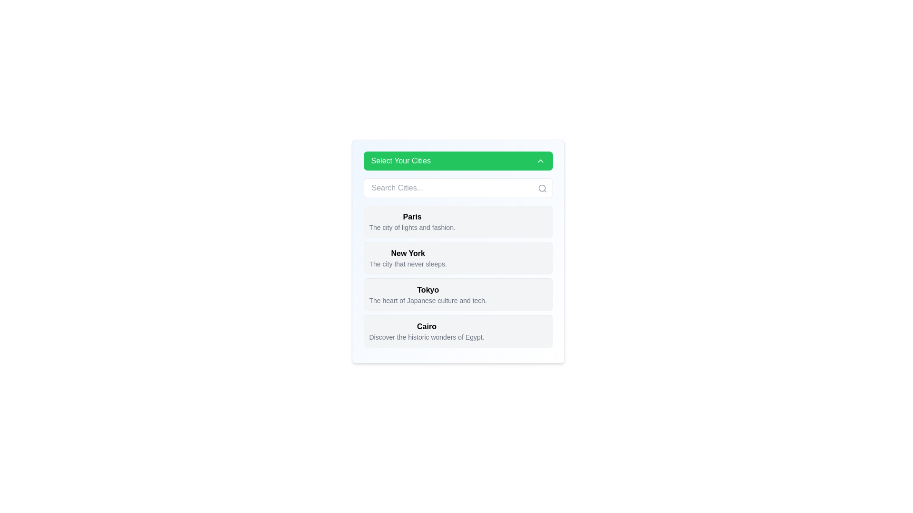 Image resolution: width=913 pixels, height=513 pixels. I want to click on to select the list item containing the bold title 'New York' in the dropdown menu titled 'Select Your Cities.', so click(408, 258).